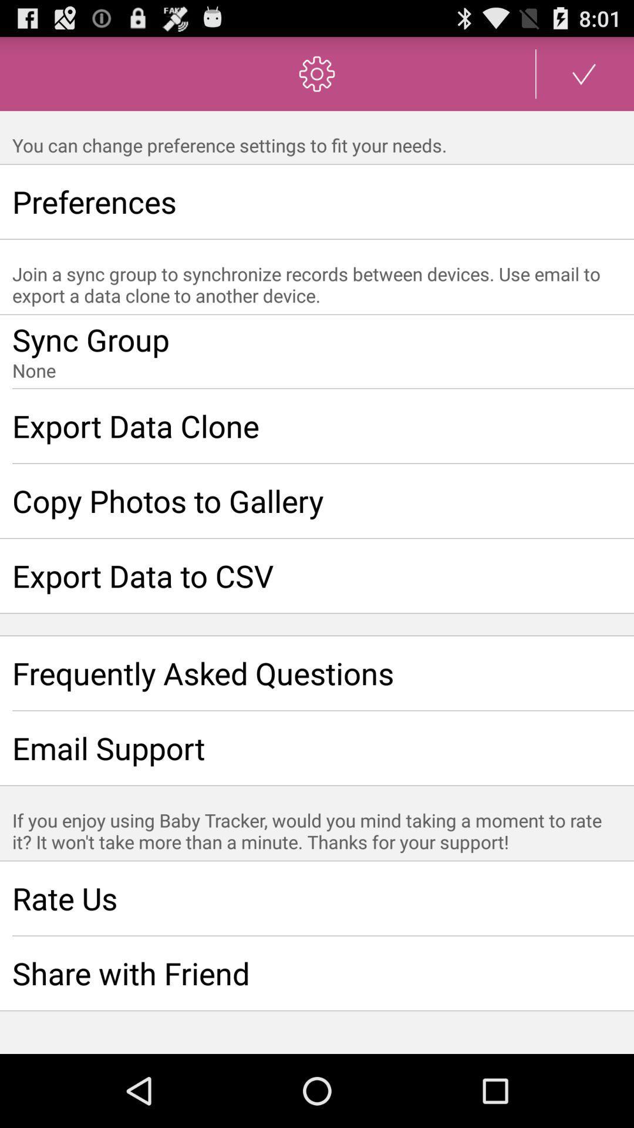 The image size is (634, 1128). Describe the element at coordinates (317, 973) in the screenshot. I see `the share with friend button` at that location.